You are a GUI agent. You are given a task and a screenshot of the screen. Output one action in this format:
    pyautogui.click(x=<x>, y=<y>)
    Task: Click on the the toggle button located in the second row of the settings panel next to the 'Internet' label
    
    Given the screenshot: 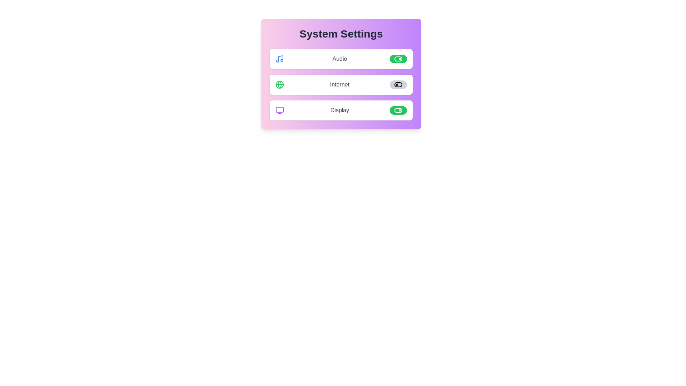 What is the action you would take?
    pyautogui.click(x=398, y=84)
    